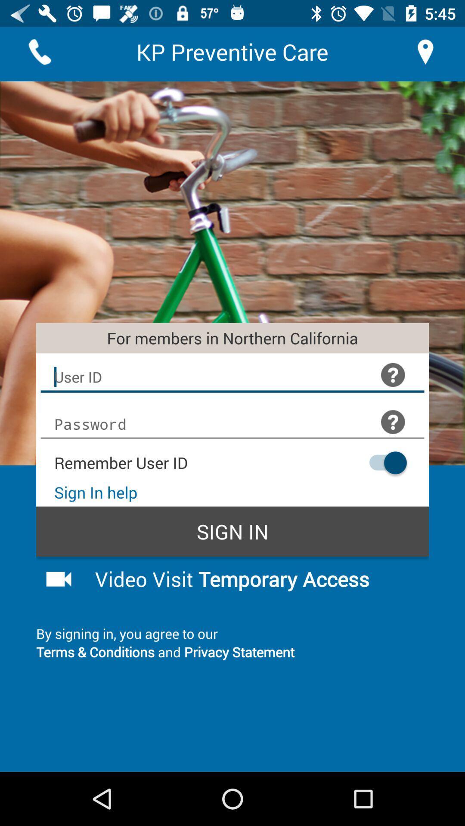 The height and width of the screenshot is (826, 465). I want to click on app next to remember user id app, so click(383, 462).